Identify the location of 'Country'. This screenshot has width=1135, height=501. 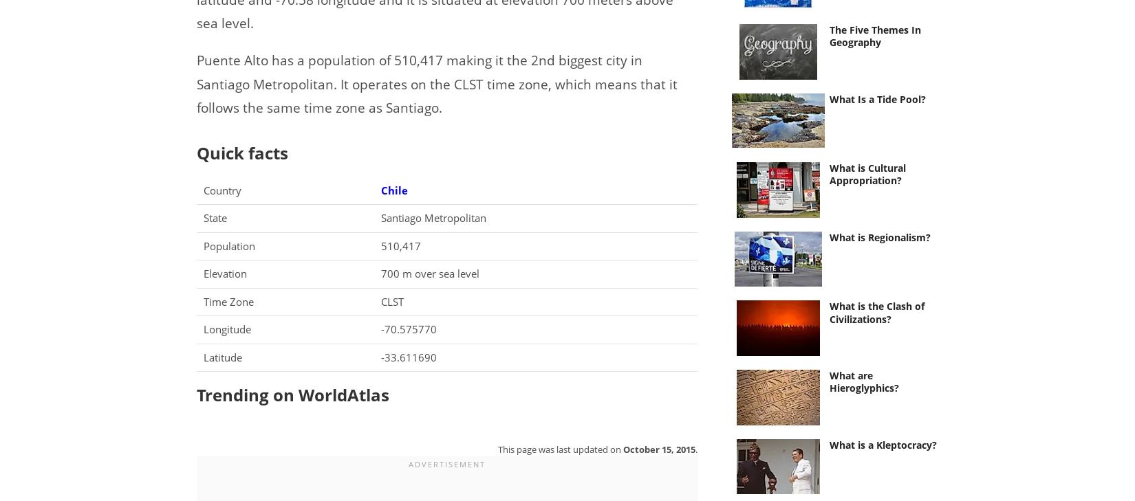
(222, 188).